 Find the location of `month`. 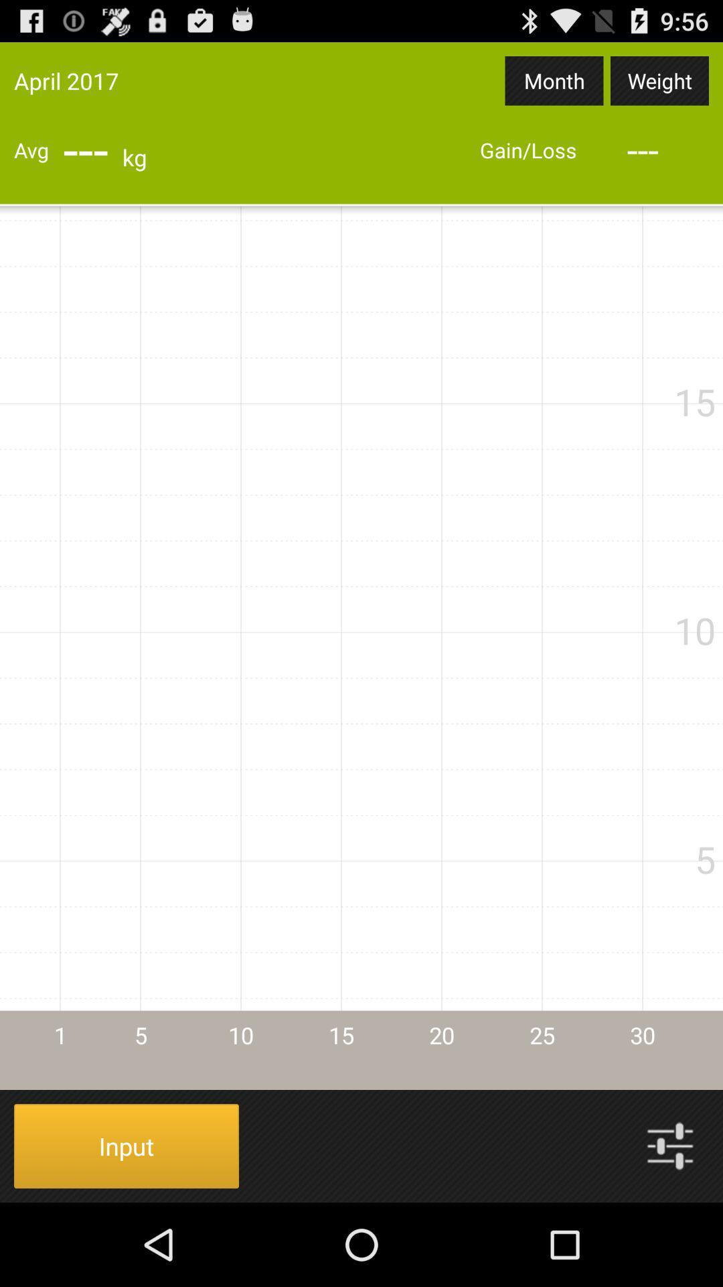

month is located at coordinates (554, 80).